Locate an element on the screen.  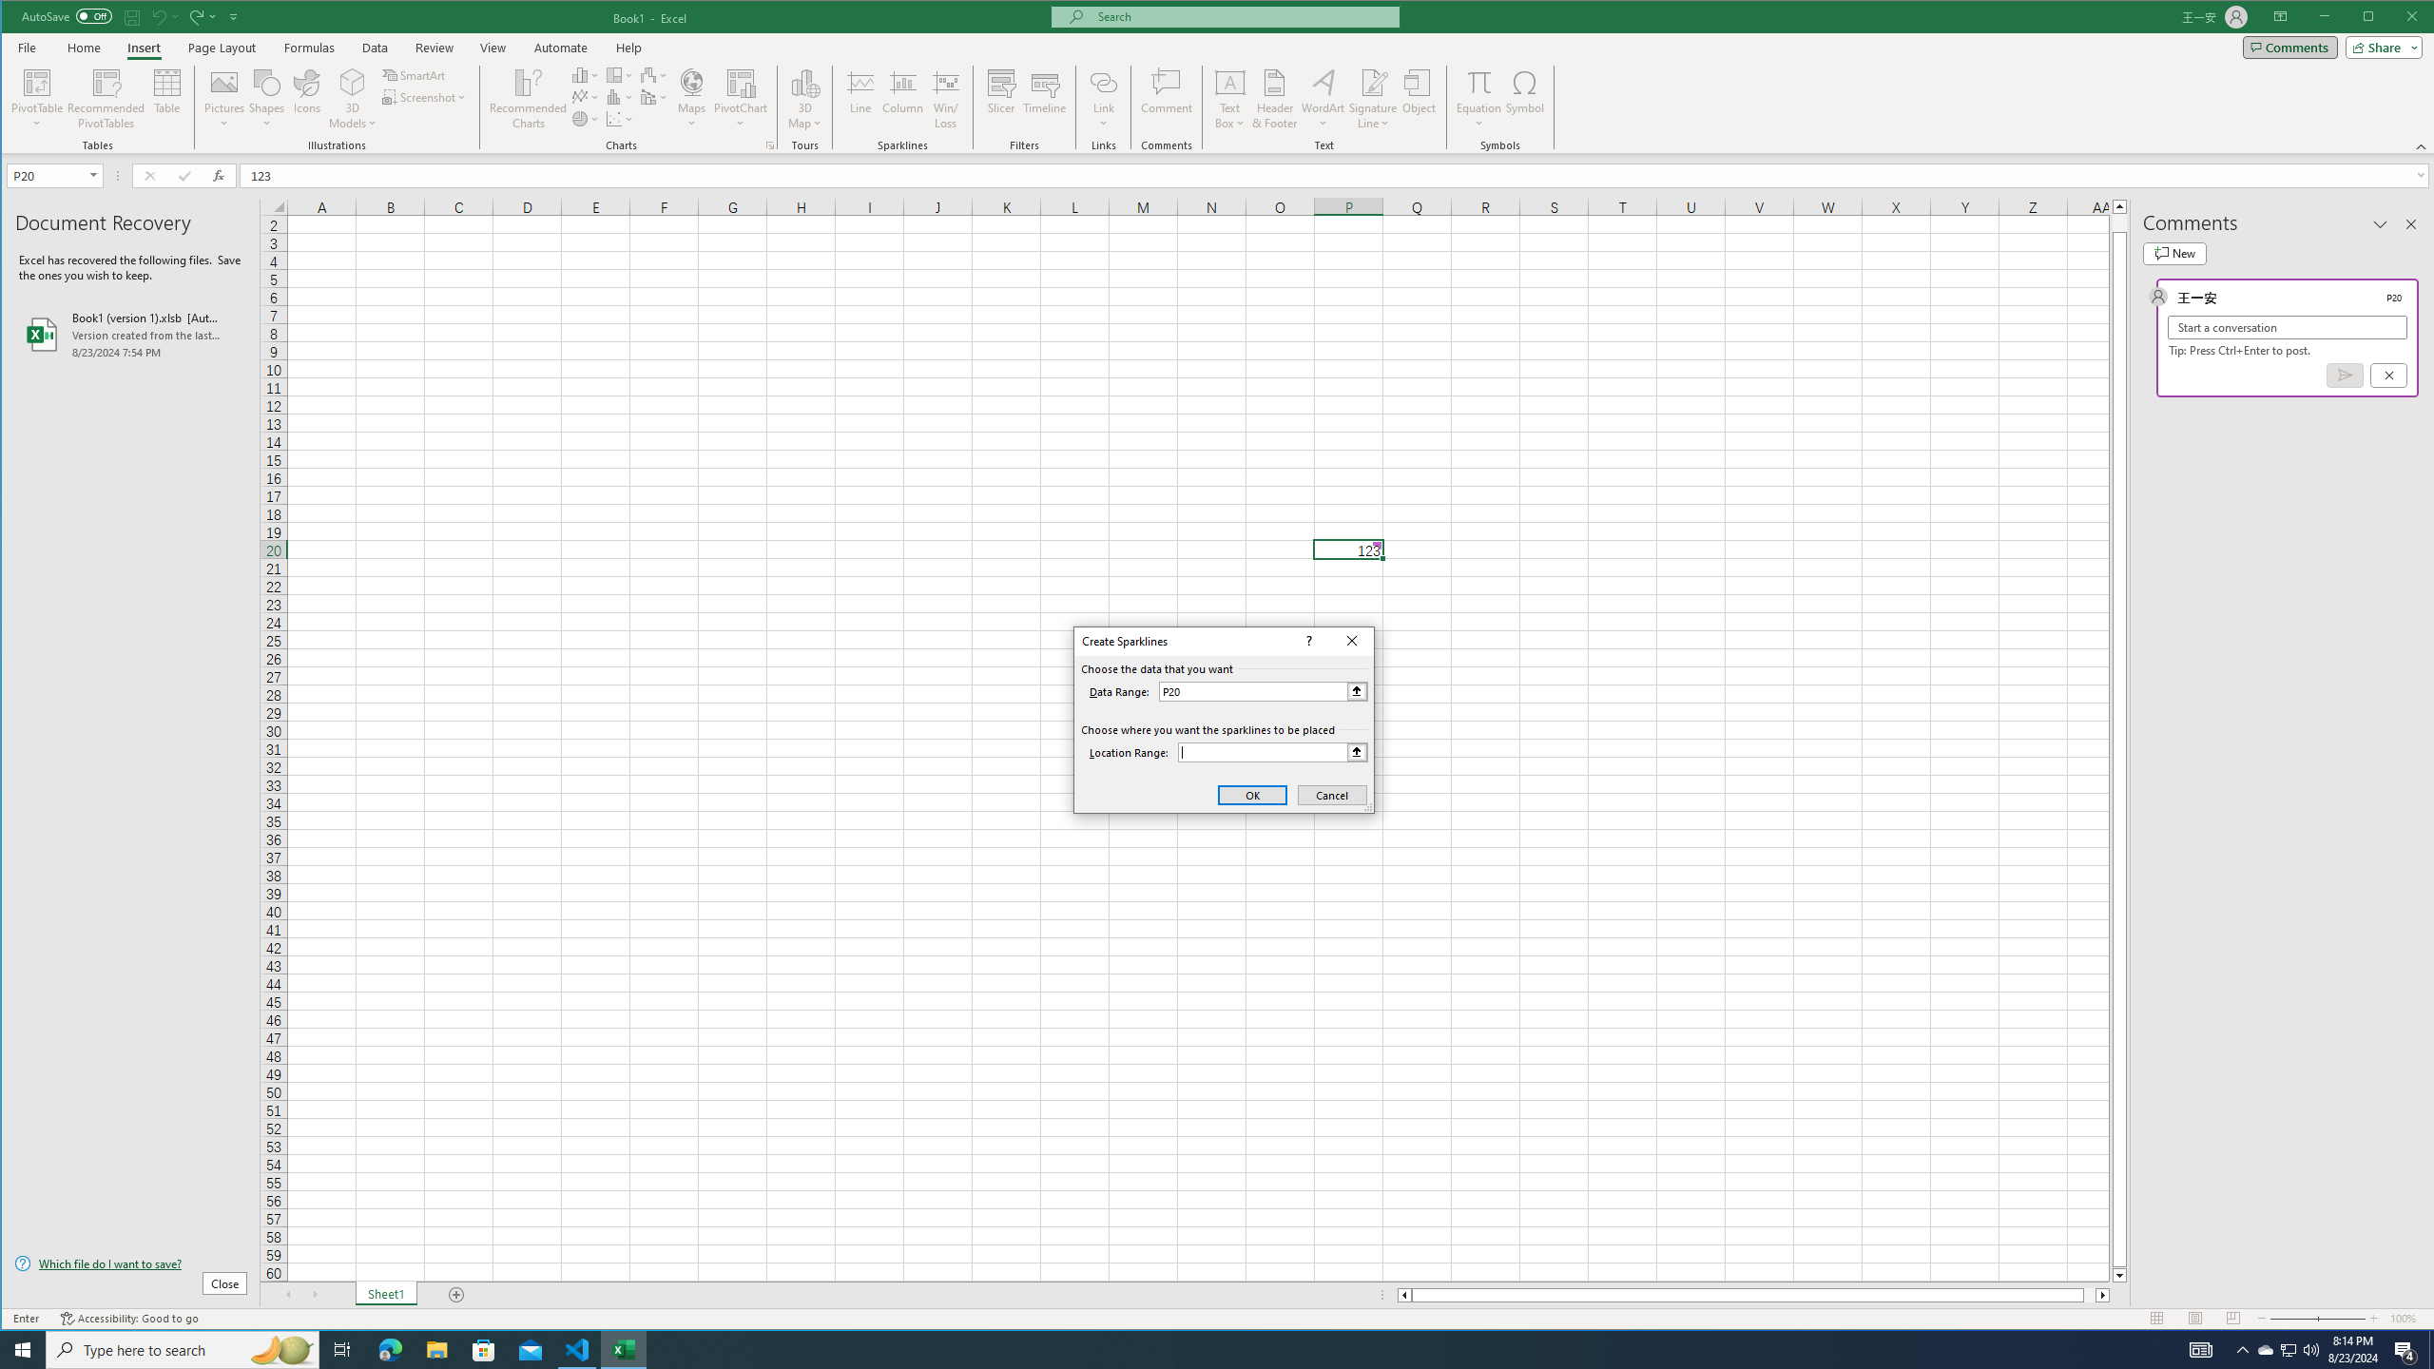
'New comment' is located at coordinates (2173, 254).